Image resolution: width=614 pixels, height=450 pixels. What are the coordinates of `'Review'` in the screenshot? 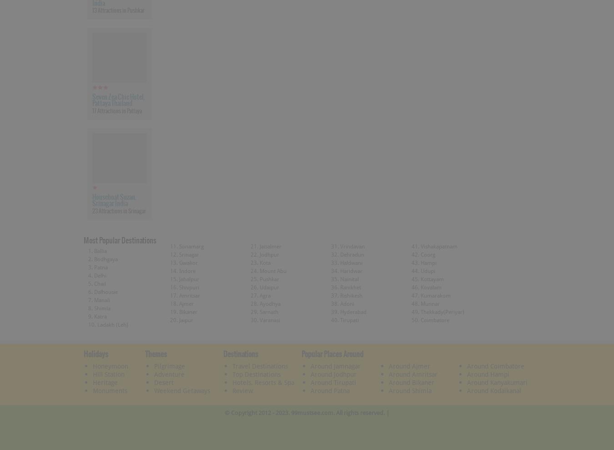 It's located at (242, 390).